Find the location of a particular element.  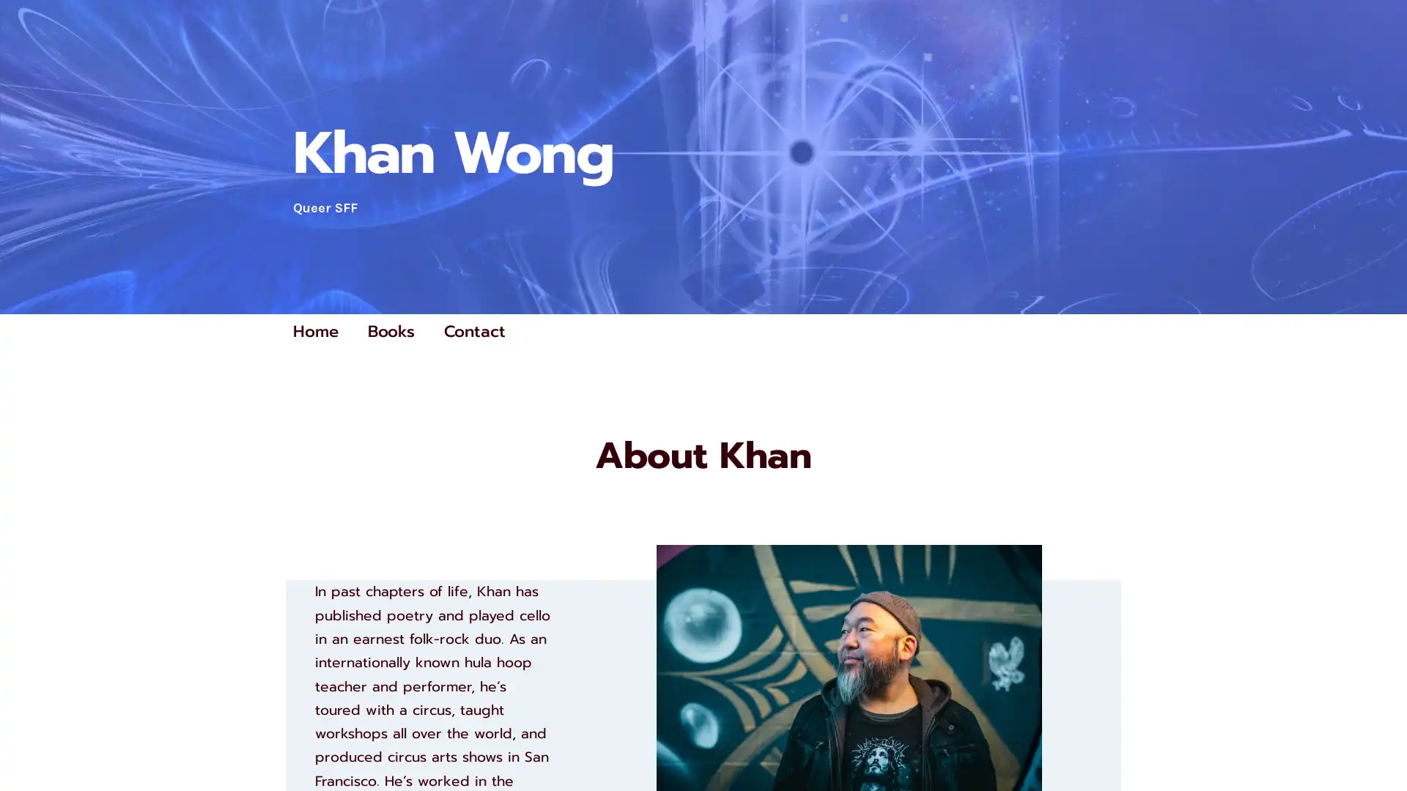

Scroll to top is located at coordinates (1378, 741).